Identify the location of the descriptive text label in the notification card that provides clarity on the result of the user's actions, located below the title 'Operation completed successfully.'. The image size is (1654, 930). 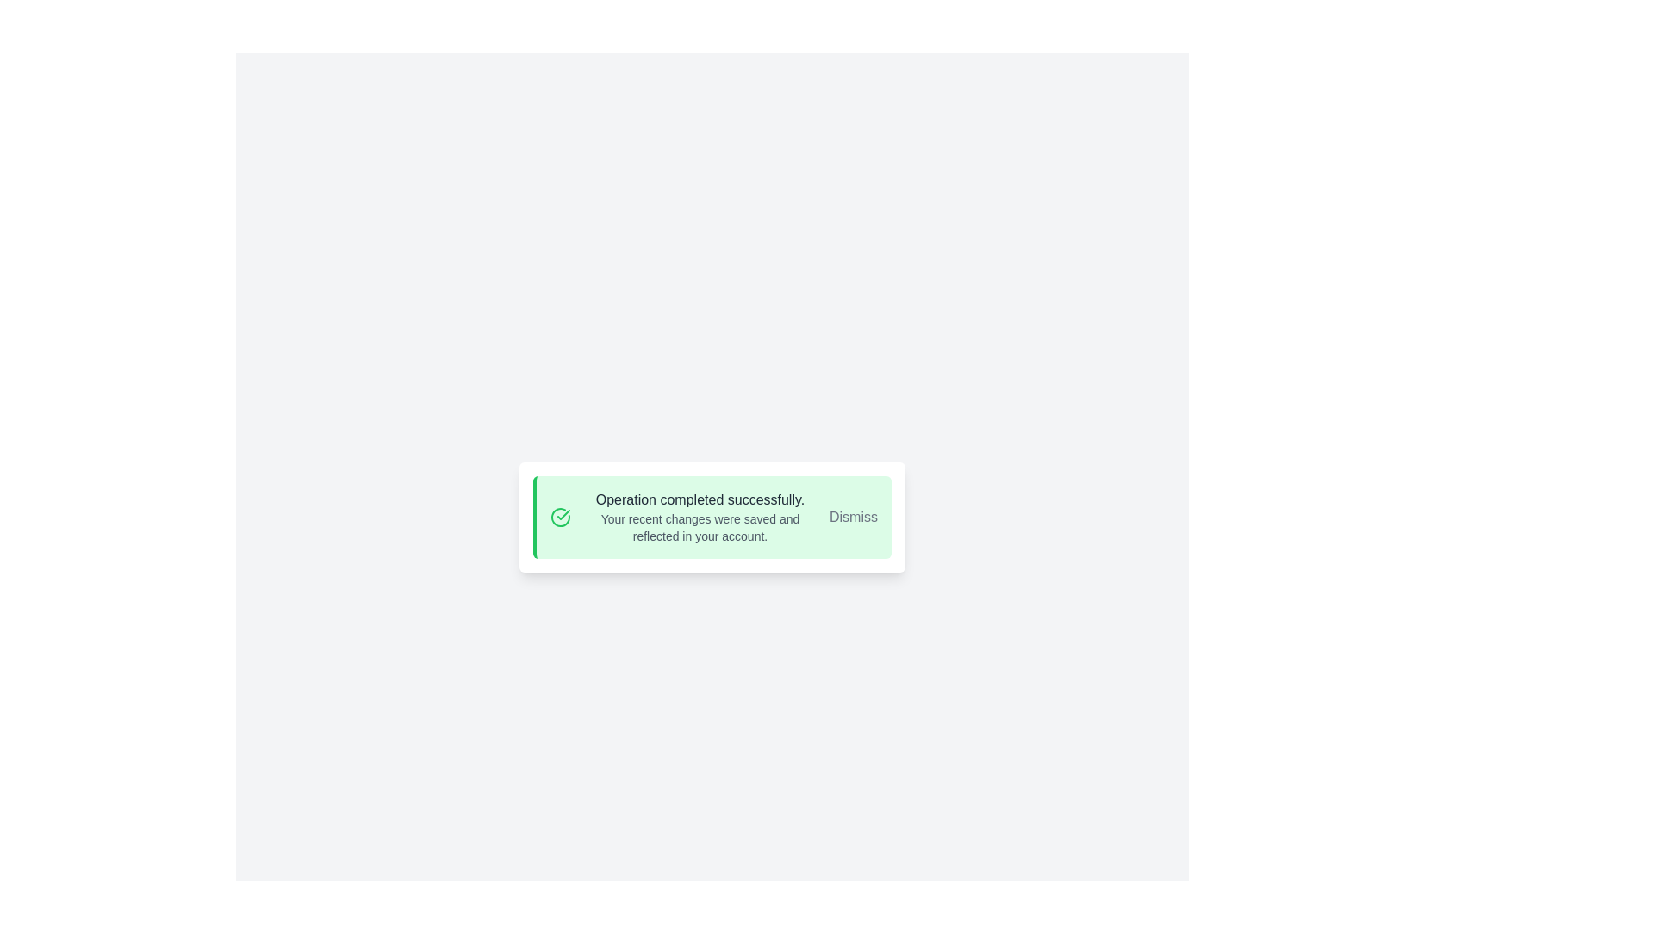
(700, 527).